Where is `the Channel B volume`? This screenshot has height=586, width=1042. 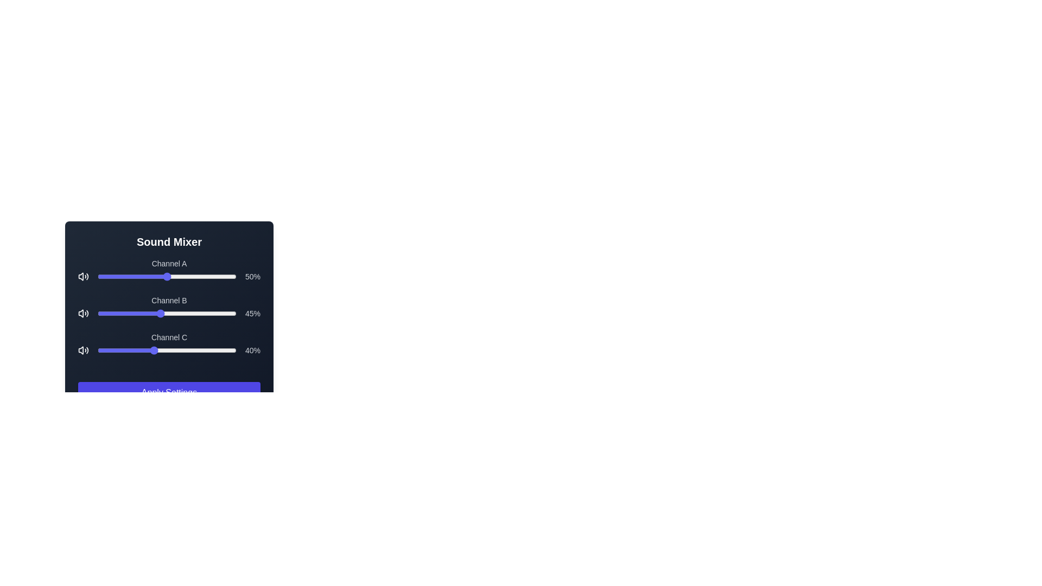 the Channel B volume is located at coordinates (196, 314).